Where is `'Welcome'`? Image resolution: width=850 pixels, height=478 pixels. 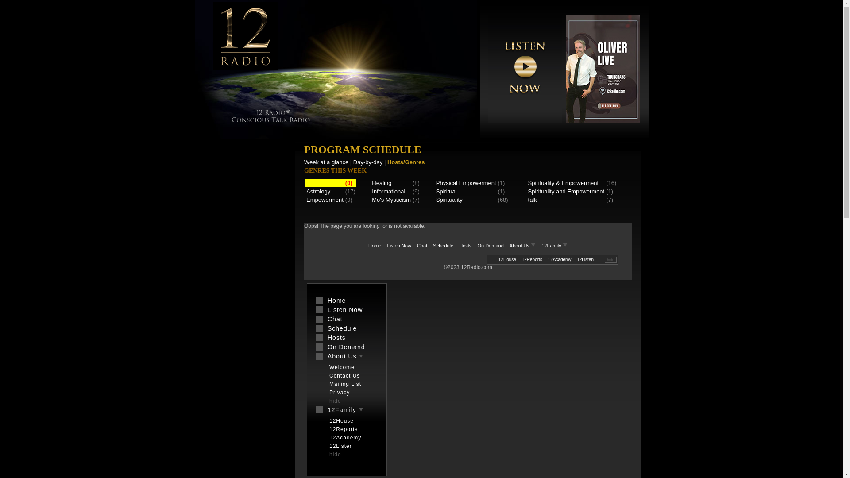 'Welcome' is located at coordinates (351, 367).